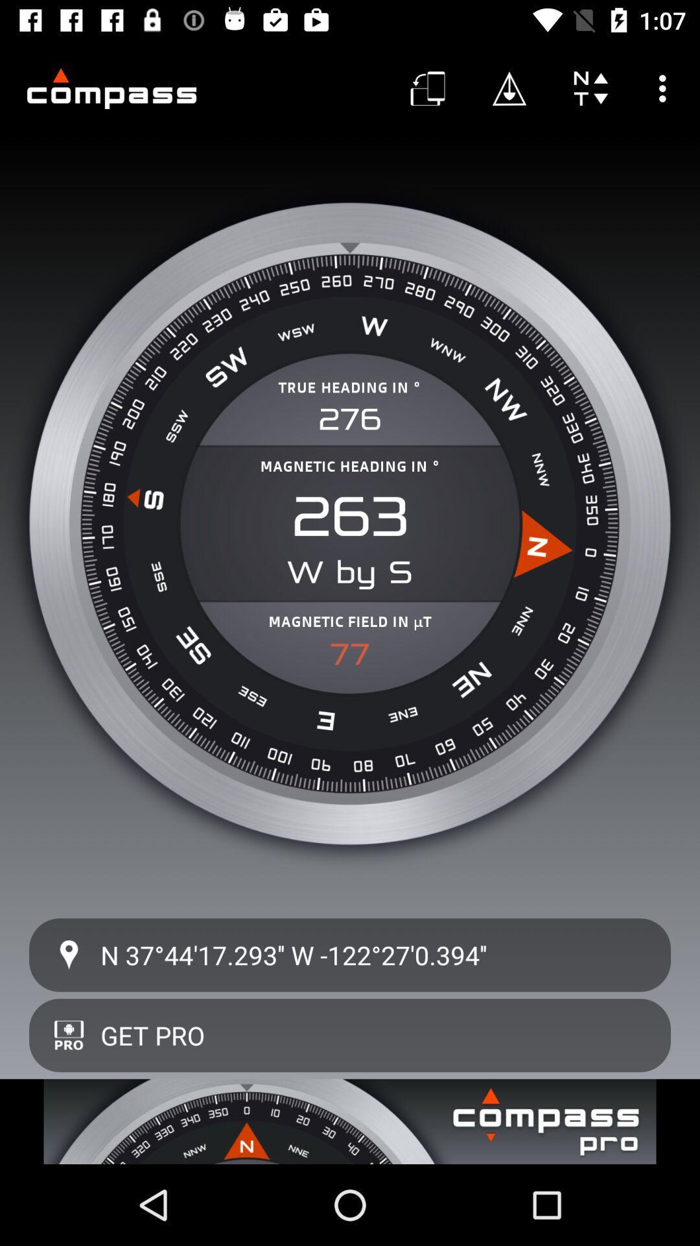  I want to click on the icon above the n 37 44 icon, so click(350, 654).